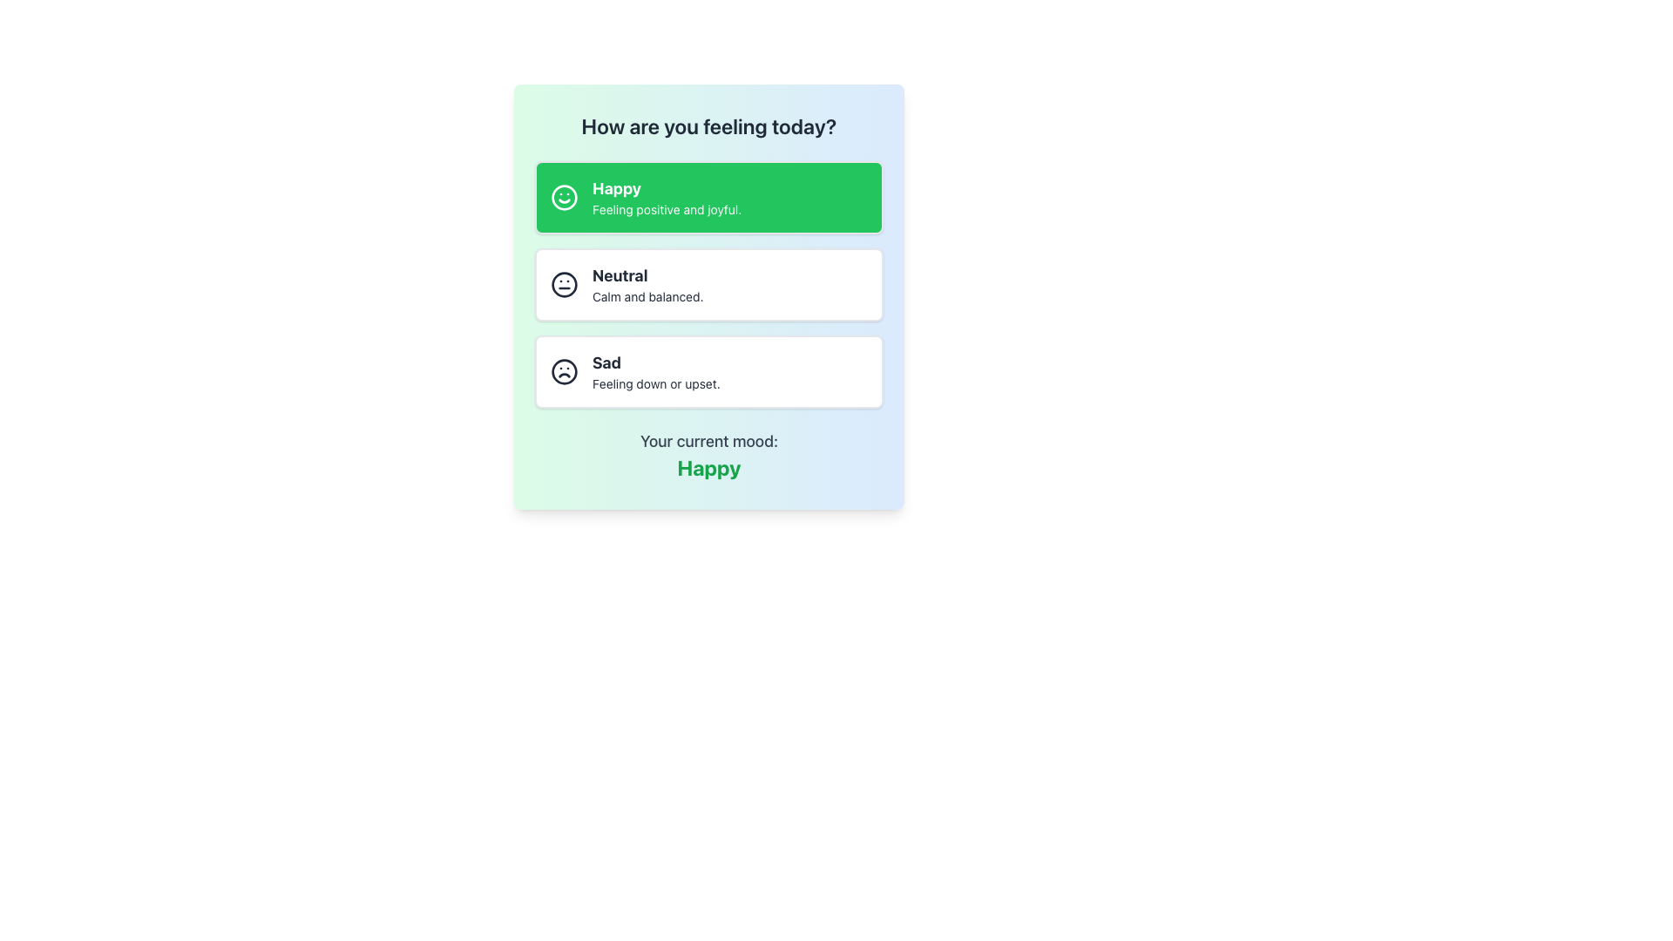 The width and height of the screenshot is (1673, 941). I want to click on text block containing the heading 'Happy' and the explanatory text 'Feeling positive and joyful.' This text block is the first selectable button in a list of mood choices, displayed on a bold green background, so click(666, 197).